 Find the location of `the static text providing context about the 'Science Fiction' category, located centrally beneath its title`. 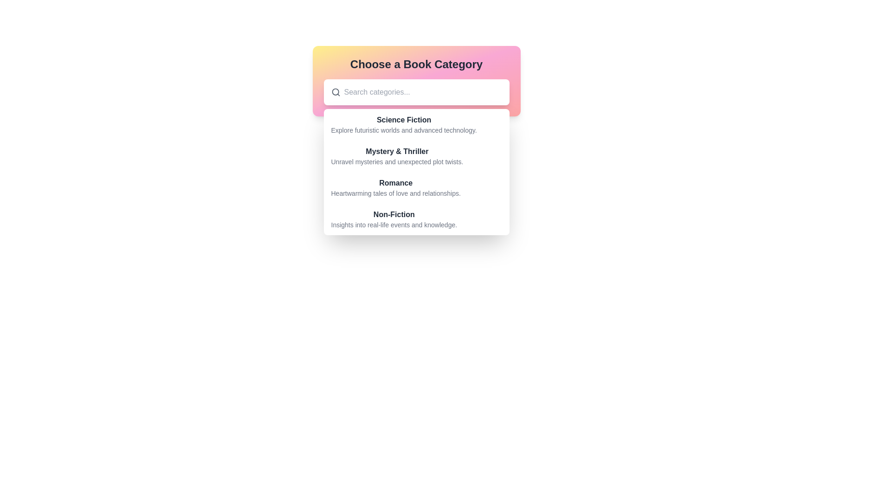

the static text providing context about the 'Science Fiction' category, located centrally beneath its title is located at coordinates (404, 130).